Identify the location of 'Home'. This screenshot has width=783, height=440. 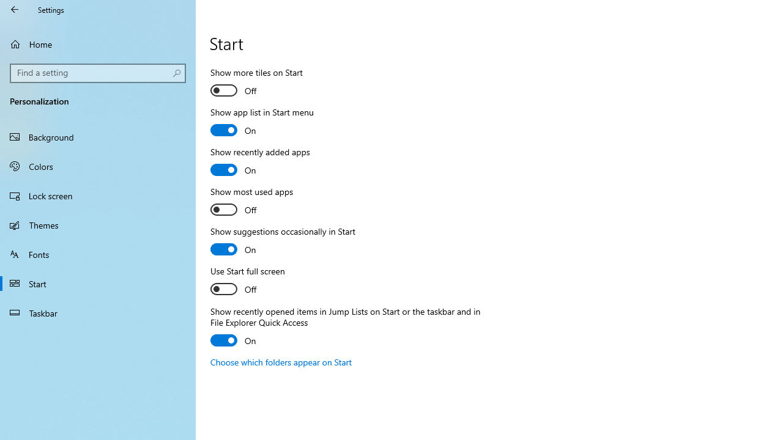
(98, 43).